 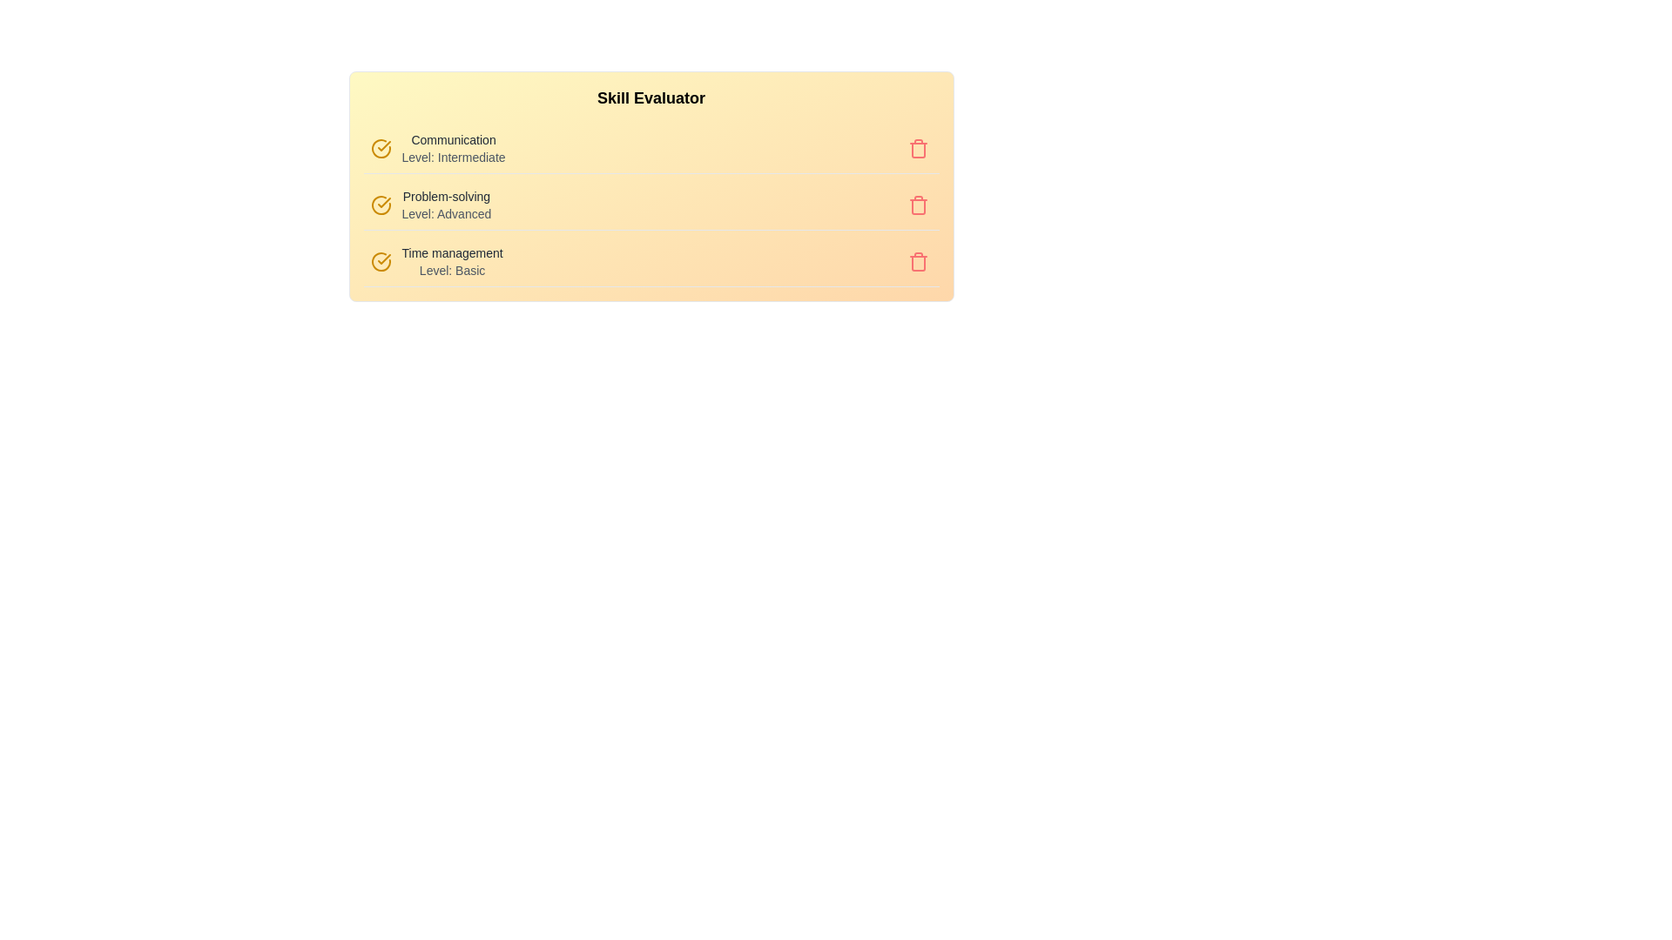 I want to click on the skill icon for Time management to focus on it, so click(x=380, y=261).